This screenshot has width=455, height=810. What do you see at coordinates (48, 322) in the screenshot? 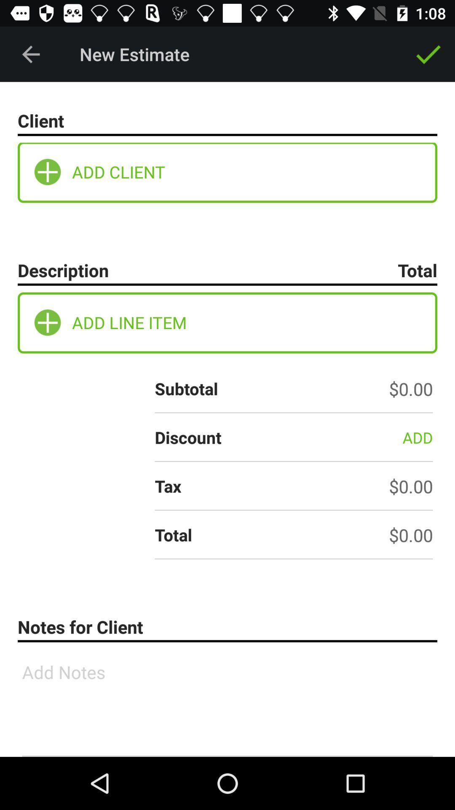
I see `icon which is below description` at bounding box center [48, 322].